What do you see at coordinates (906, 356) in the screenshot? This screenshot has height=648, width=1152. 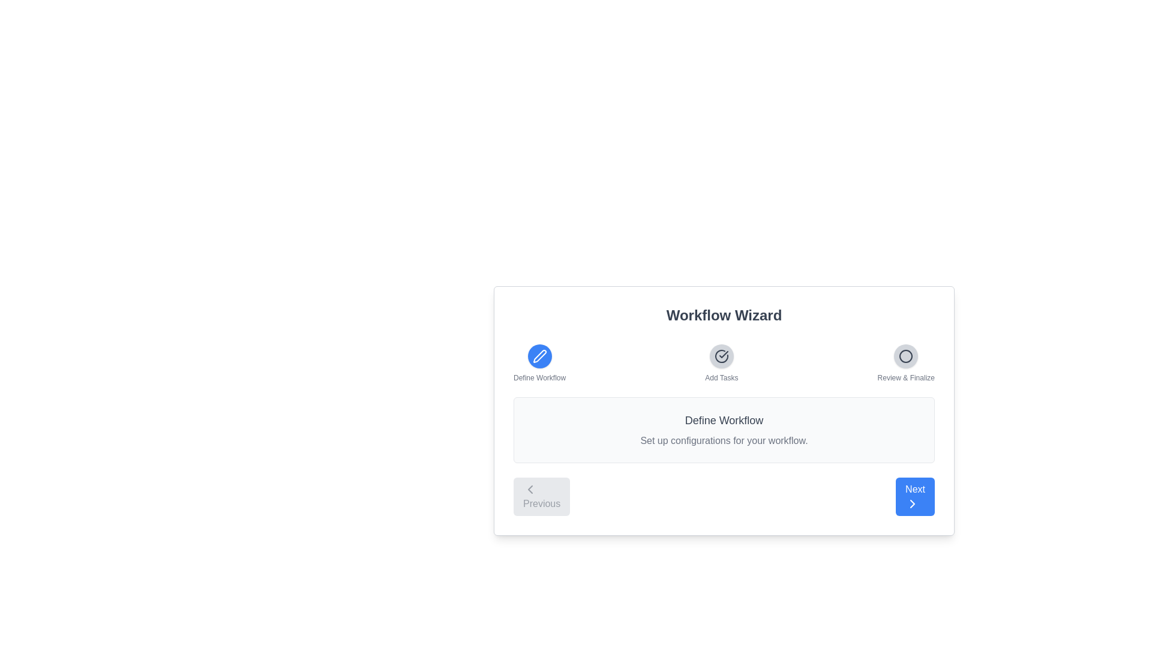 I see `the Circular icon representing the 'Review & Finalize' section in the Workflow Wizard interface` at bounding box center [906, 356].